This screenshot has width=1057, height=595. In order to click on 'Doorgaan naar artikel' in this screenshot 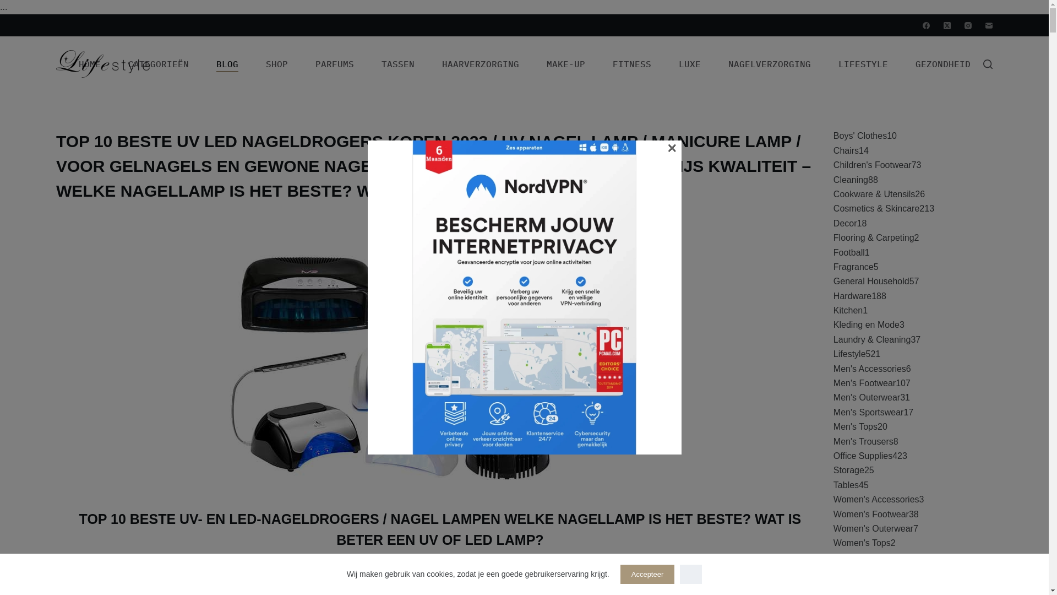, I will do `click(10, 6)`.